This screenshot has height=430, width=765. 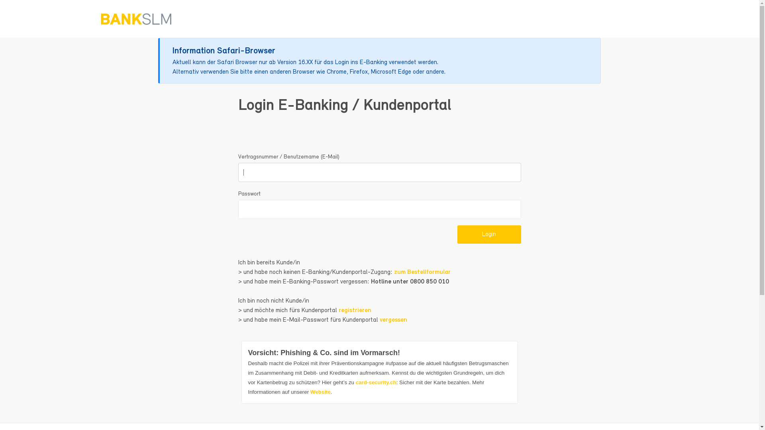 I want to click on 'zum Bestellformular', so click(x=422, y=272).